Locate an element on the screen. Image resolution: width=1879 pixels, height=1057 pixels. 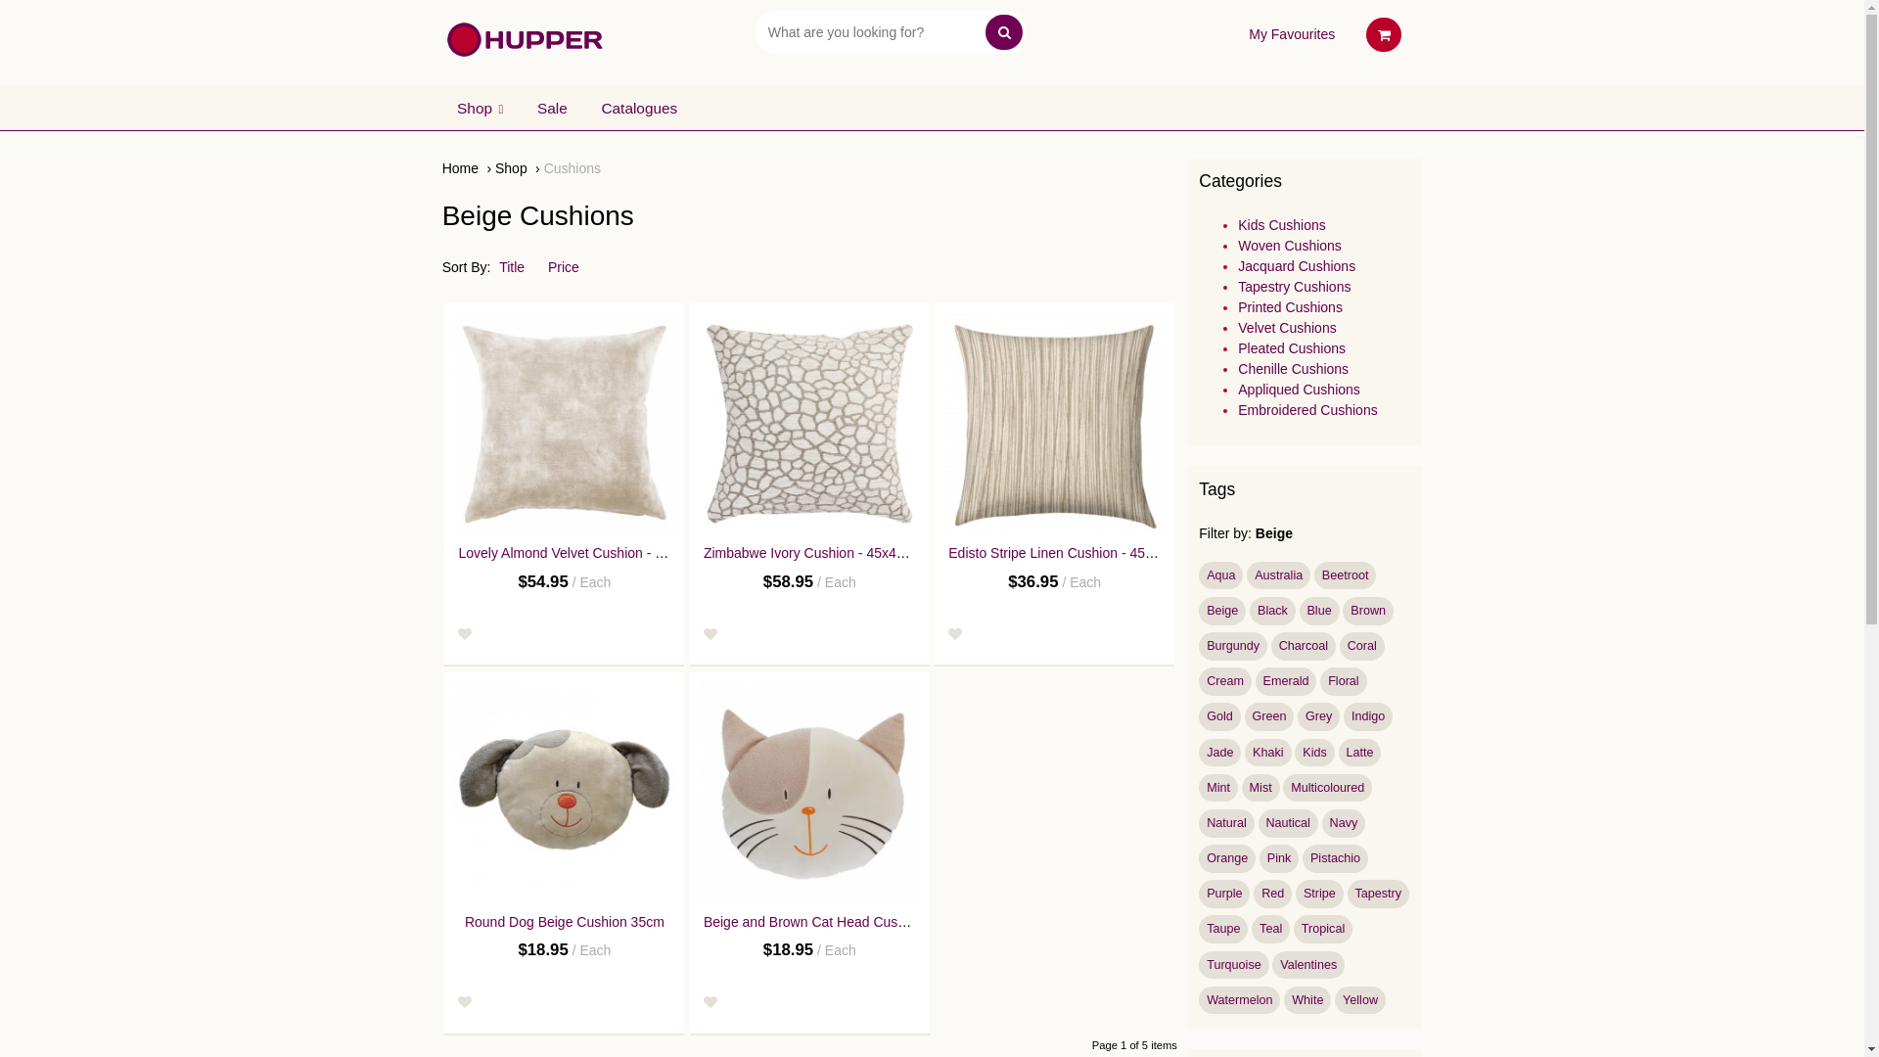
'Tropical' is located at coordinates (1323, 928).